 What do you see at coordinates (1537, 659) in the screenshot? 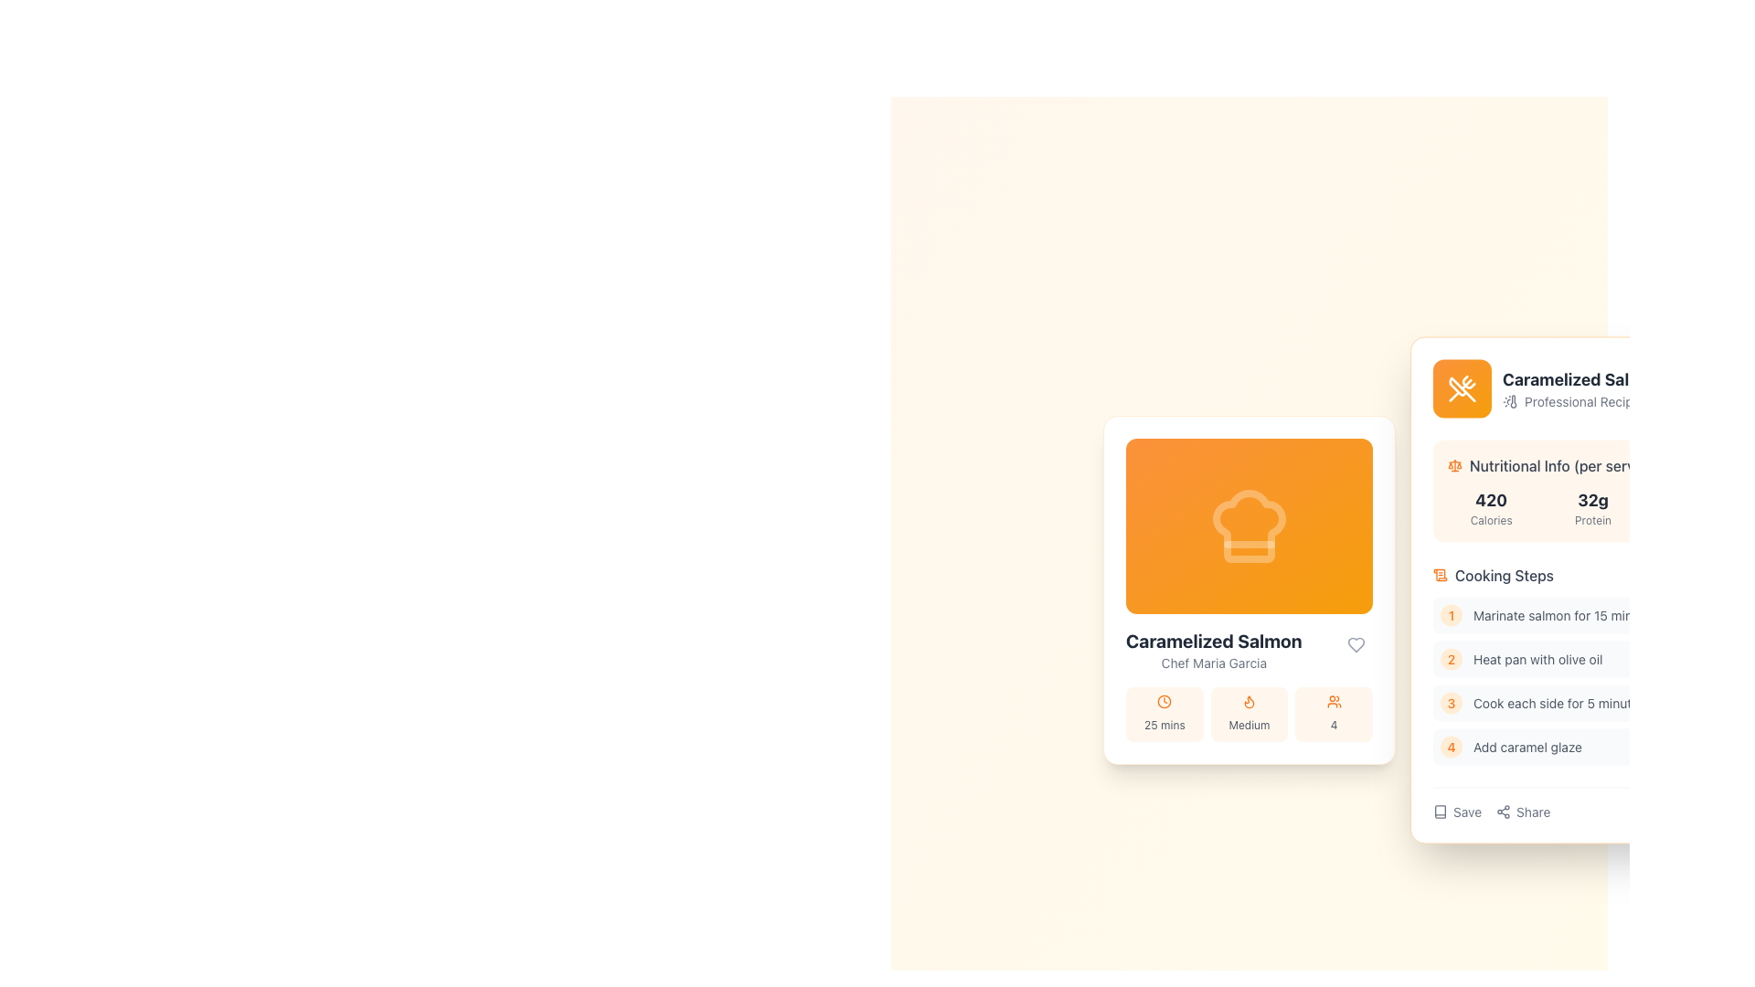
I see `the Text label that provides guidance for the second step in the cooking process, located within the 'Cooking Steps' section of the recipe interface` at bounding box center [1537, 659].